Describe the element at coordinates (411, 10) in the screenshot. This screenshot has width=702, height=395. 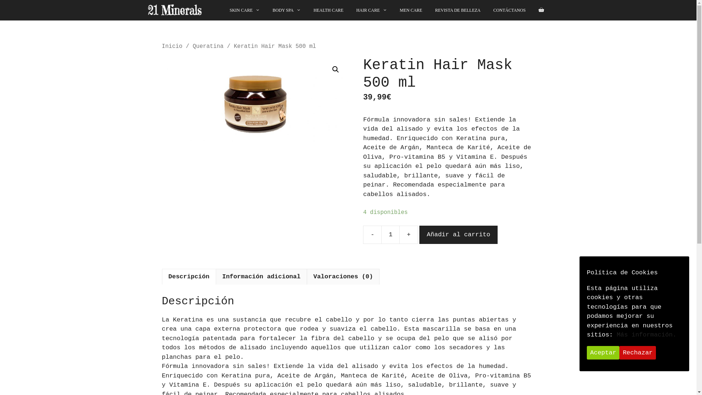
I see `'MEN CARE'` at that location.